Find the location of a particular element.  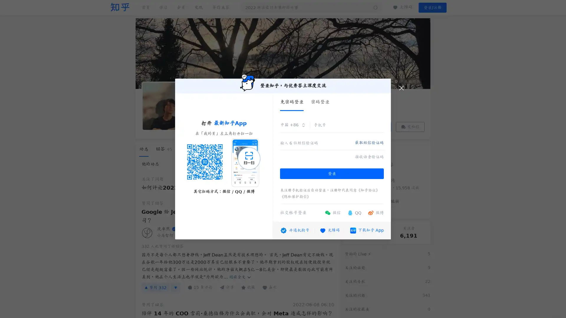

332 is located at coordinates (162, 246).